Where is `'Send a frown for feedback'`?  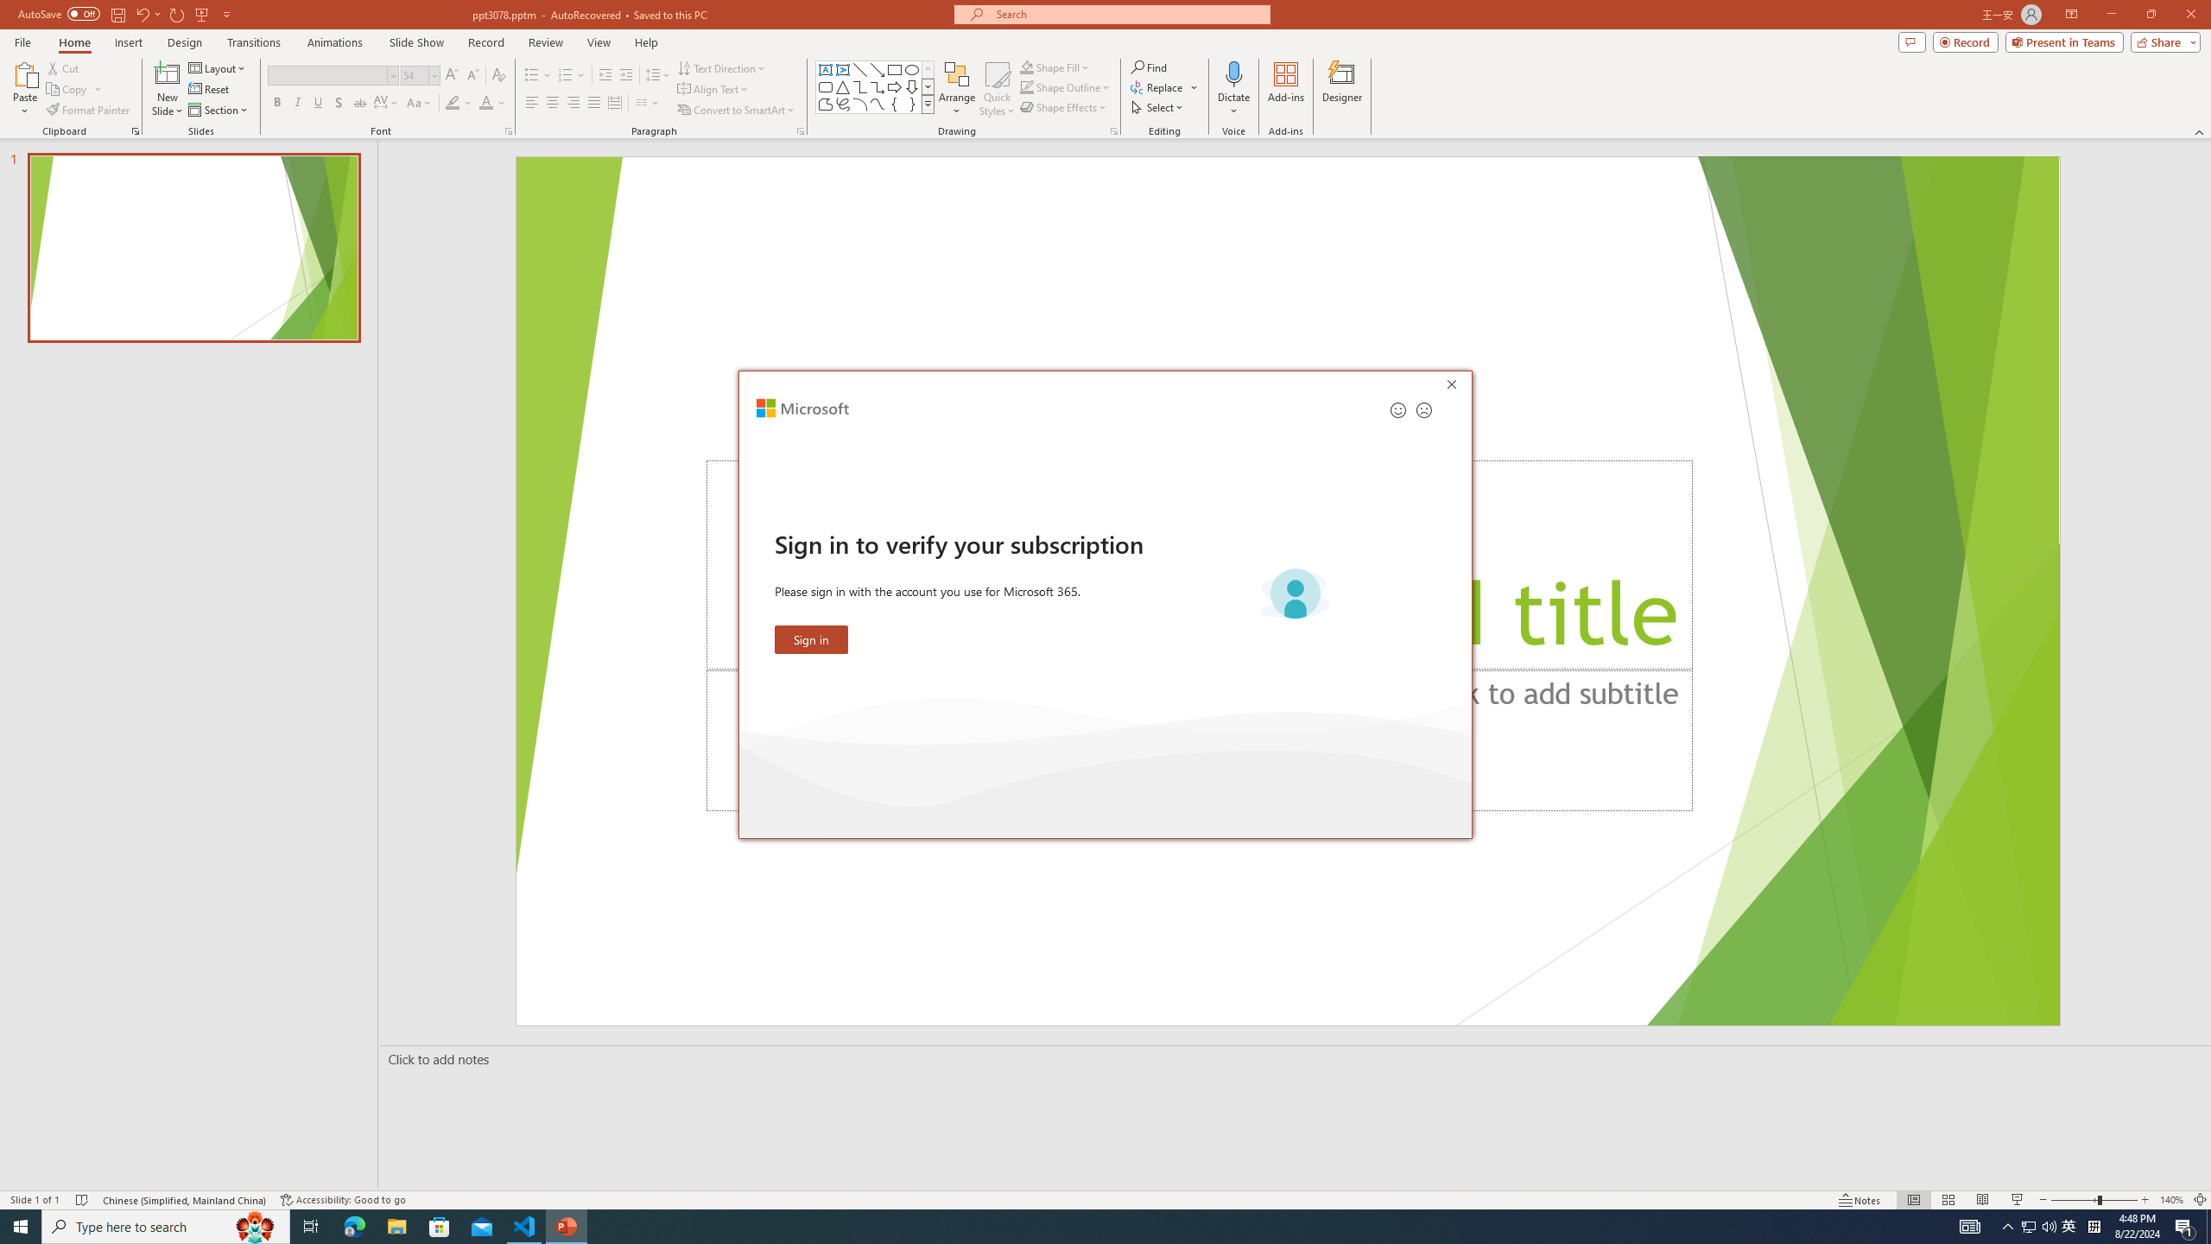
'Send a frown for feedback' is located at coordinates (1422, 409).